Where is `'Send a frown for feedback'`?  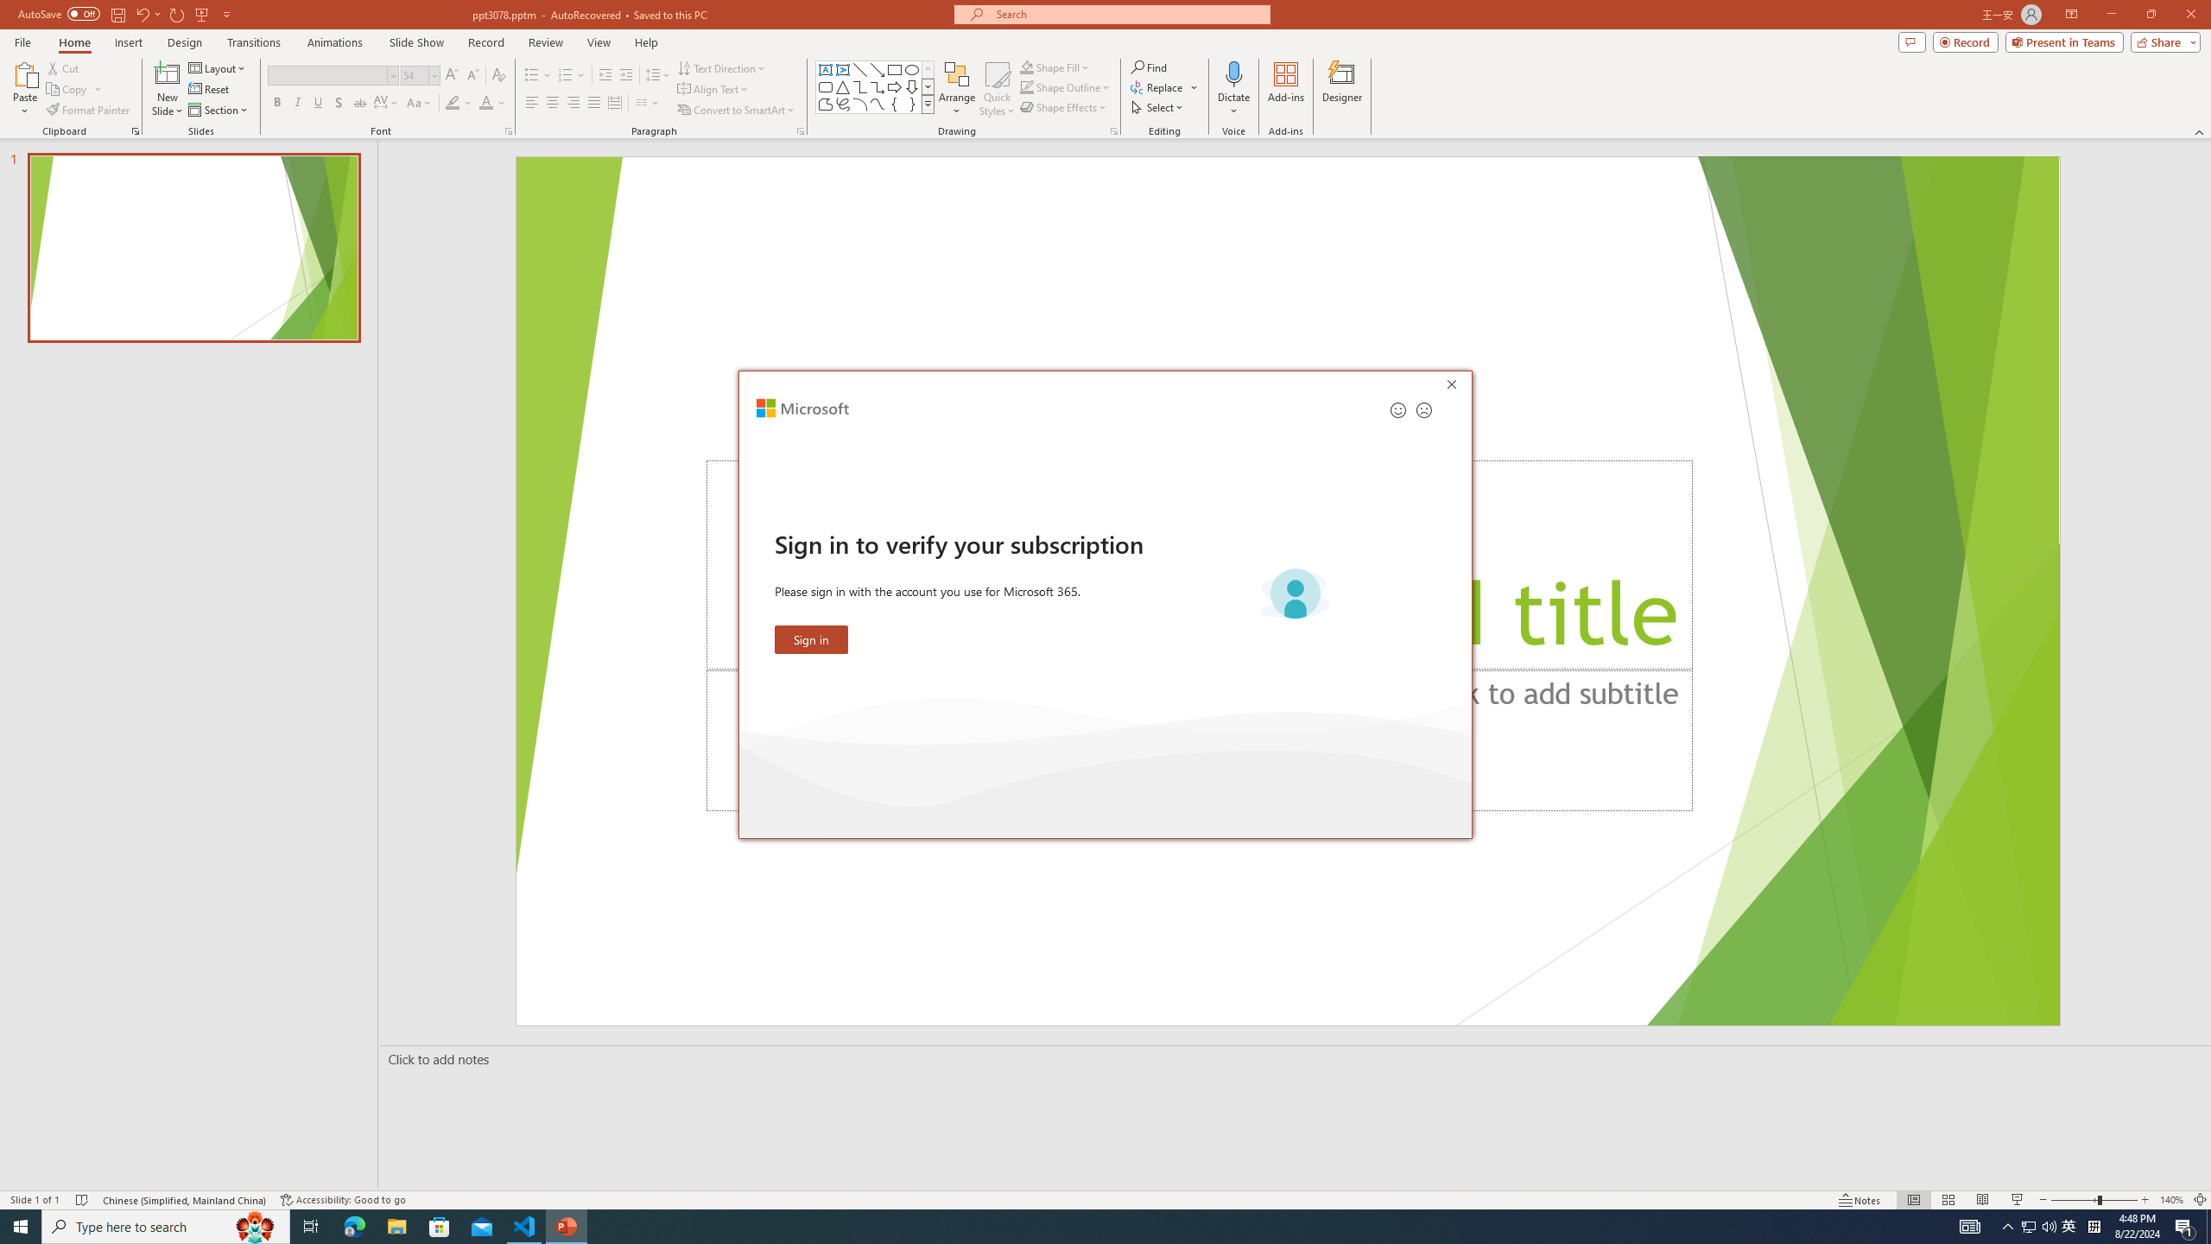
'Send a frown for feedback' is located at coordinates (1422, 409).